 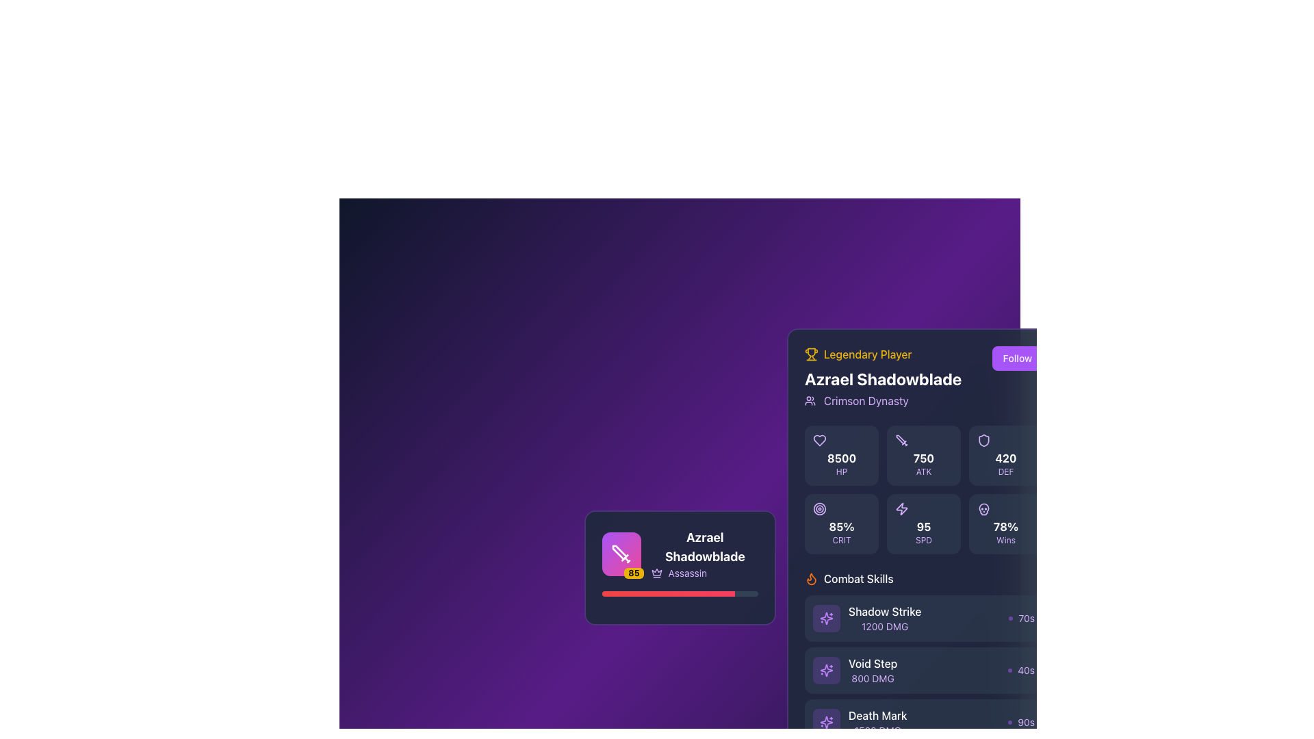 I want to click on the orange flame-shaped icon that visually represents 'Combat Skills', located beside the associated text in the right-side panel, so click(x=811, y=578).